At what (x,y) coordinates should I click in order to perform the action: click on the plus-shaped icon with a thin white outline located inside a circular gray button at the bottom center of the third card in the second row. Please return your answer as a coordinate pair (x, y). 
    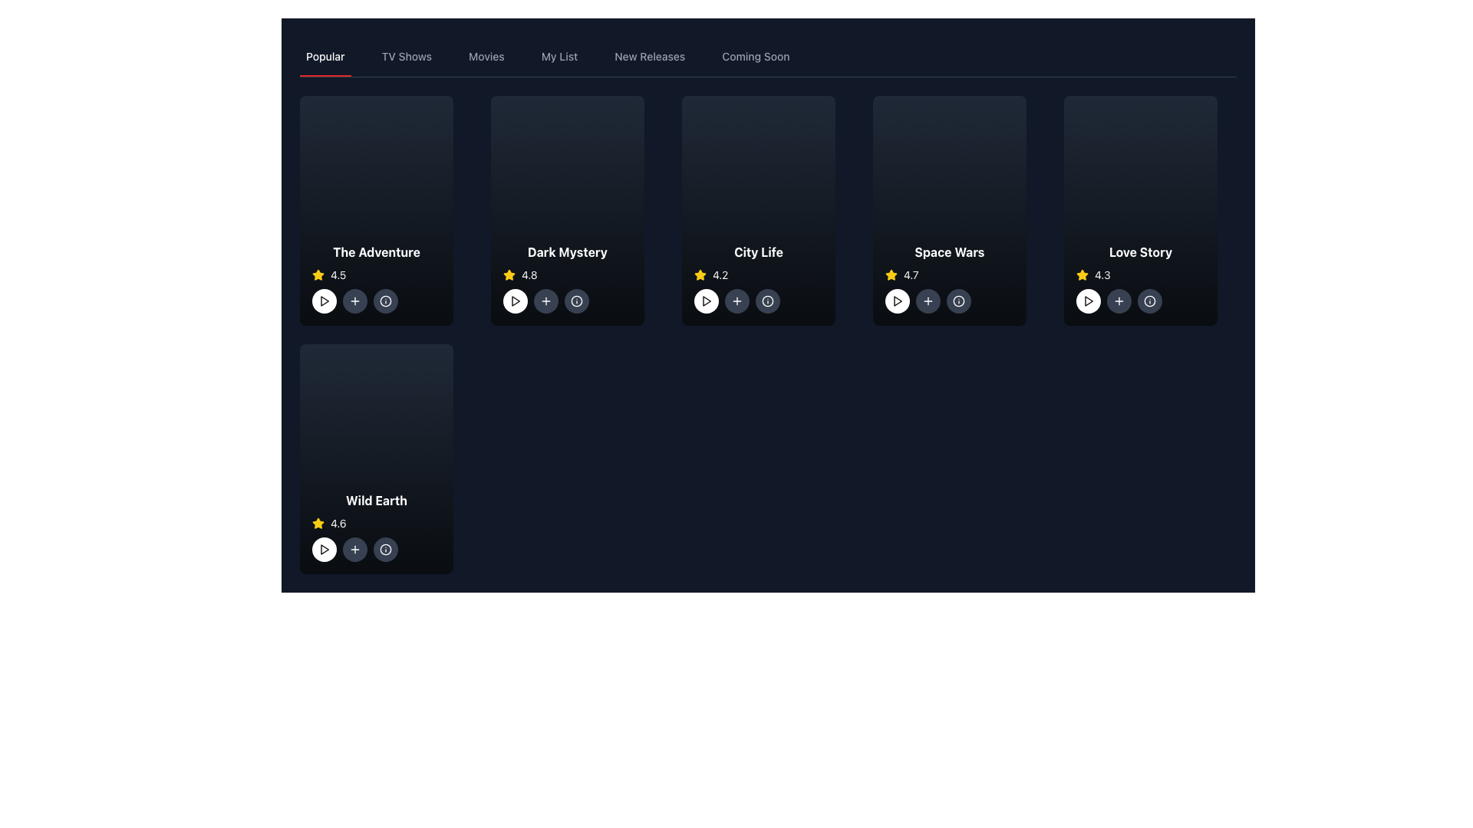
    Looking at the image, I should click on (927, 301).